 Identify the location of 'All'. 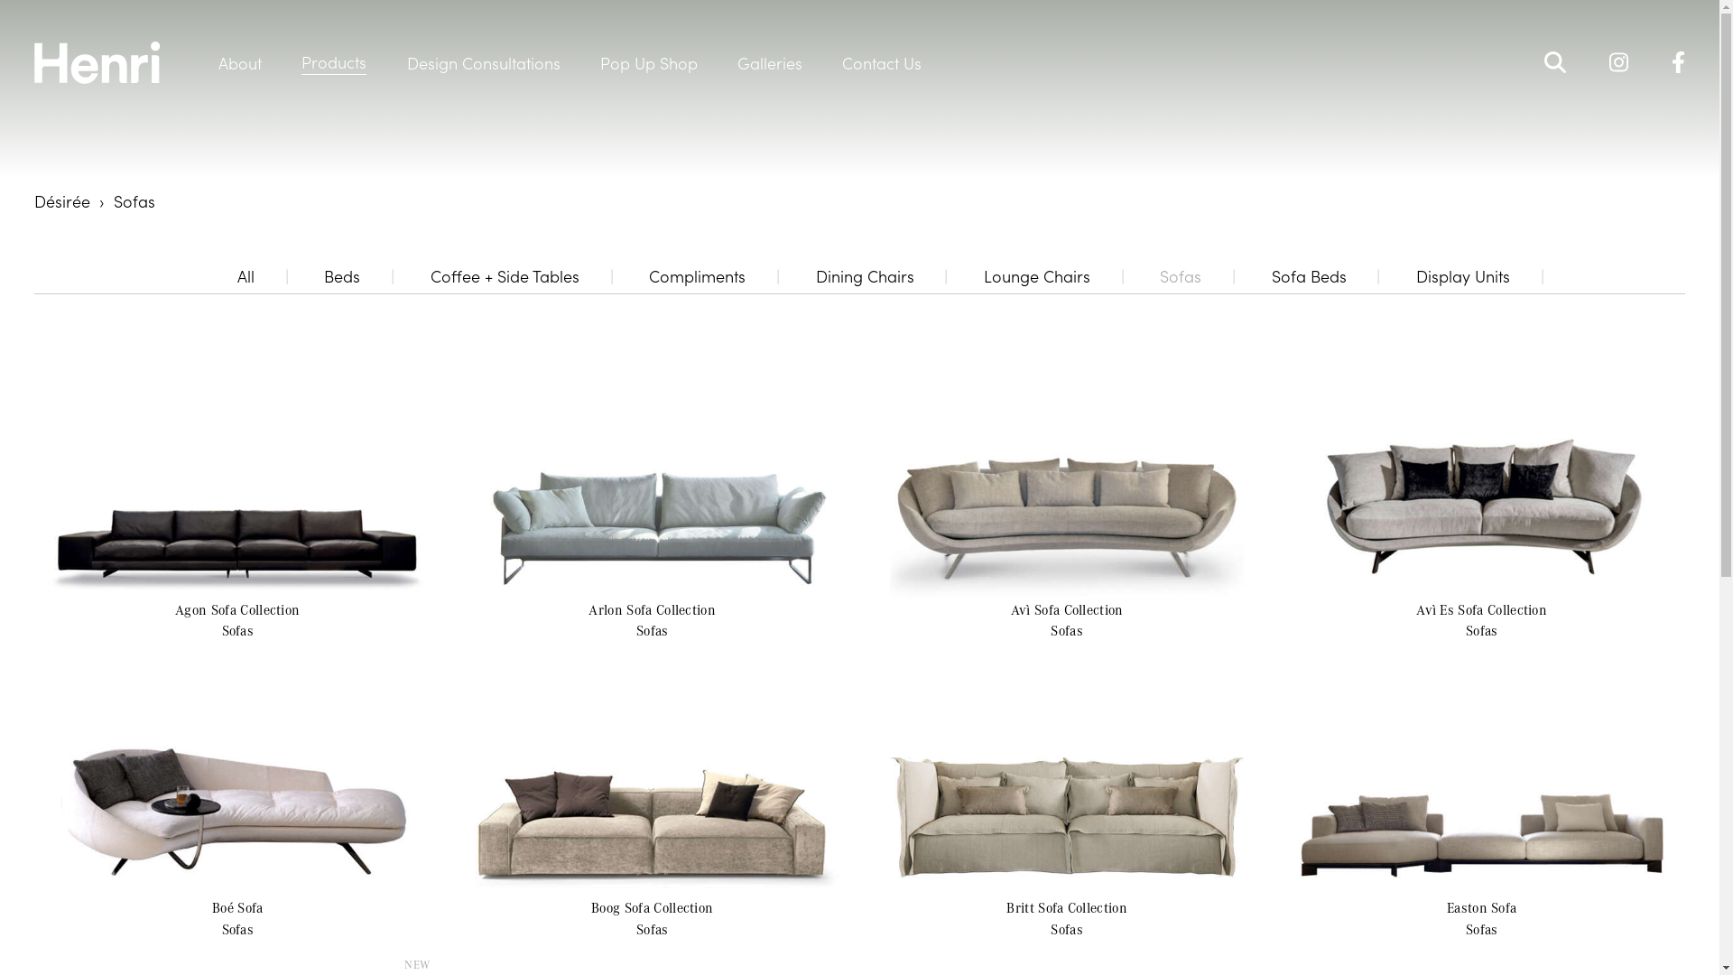
(245, 275).